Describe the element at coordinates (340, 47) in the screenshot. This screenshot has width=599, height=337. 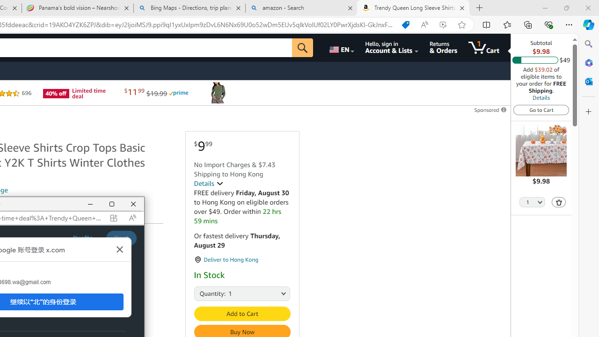
I see `'Choose a language for shopping.'` at that location.